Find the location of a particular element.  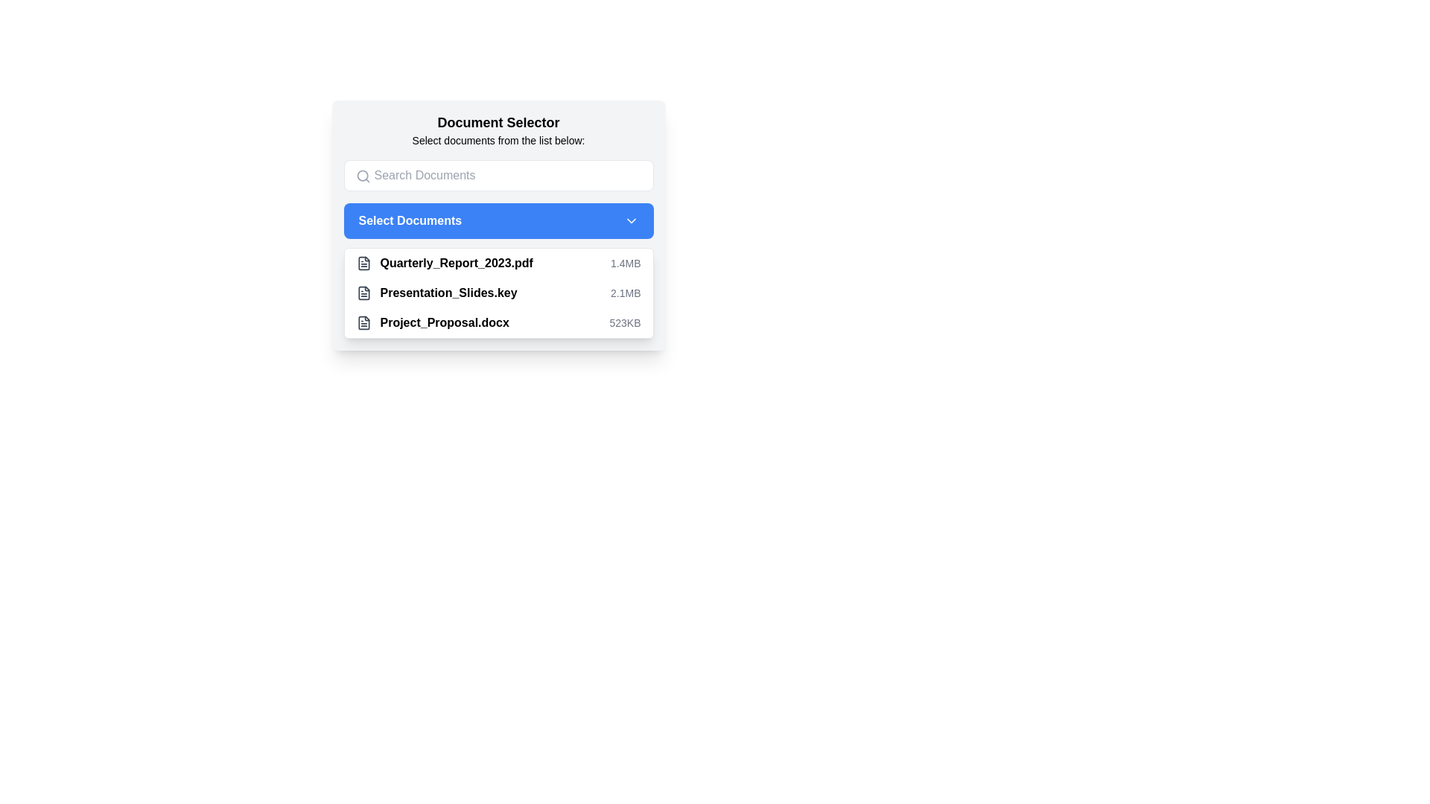

the third selectable document item in the file selector, labeled 'Project_Proposal.docx' is located at coordinates (432, 322).